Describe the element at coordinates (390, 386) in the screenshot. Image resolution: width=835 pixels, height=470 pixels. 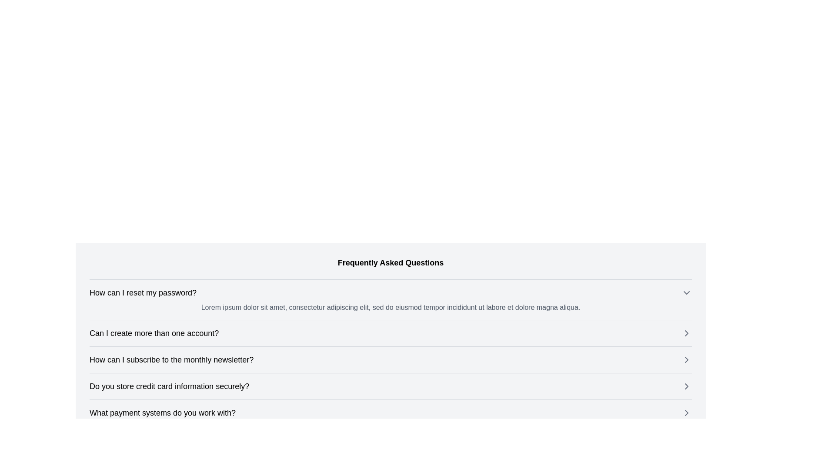
I see `text of the fourth entry in the FAQ list by clicking on the clickable question` at that location.